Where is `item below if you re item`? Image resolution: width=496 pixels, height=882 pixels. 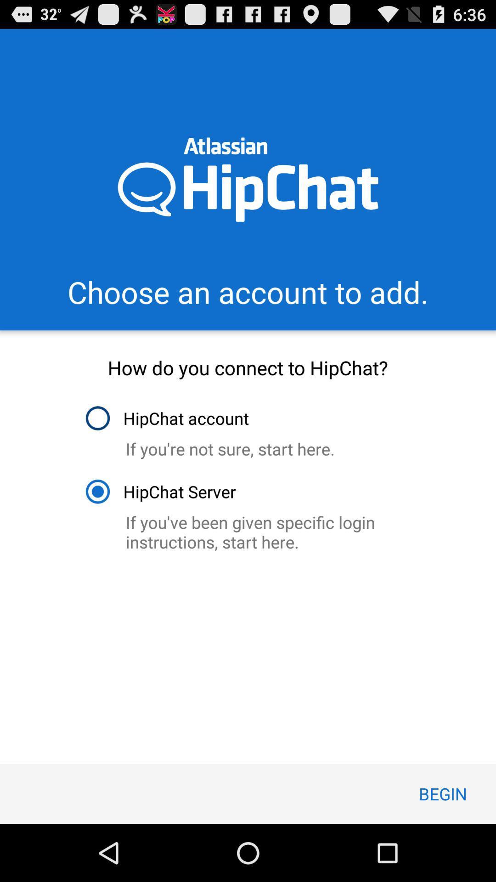
item below if you re item is located at coordinates (160, 491).